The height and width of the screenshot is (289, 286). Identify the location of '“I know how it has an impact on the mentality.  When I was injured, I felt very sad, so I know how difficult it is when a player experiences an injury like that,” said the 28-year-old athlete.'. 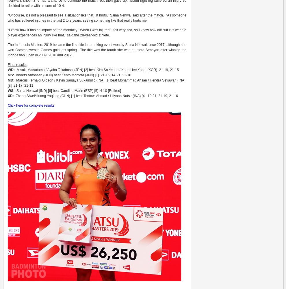
(97, 32).